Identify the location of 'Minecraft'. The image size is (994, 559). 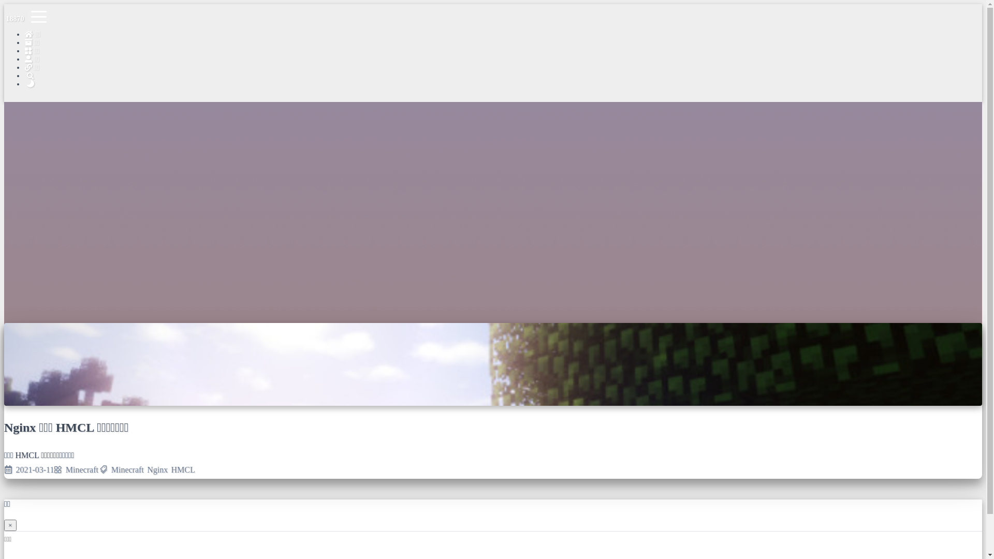
(81, 469).